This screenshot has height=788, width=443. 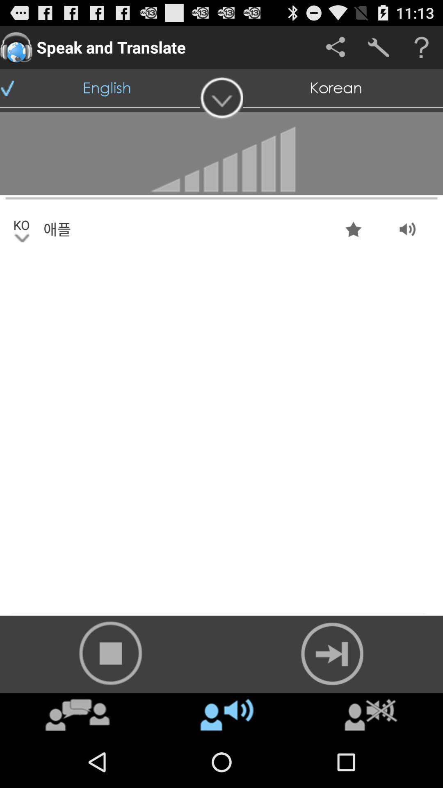 What do you see at coordinates (335, 47) in the screenshot?
I see `share this page` at bounding box center [335, 47].